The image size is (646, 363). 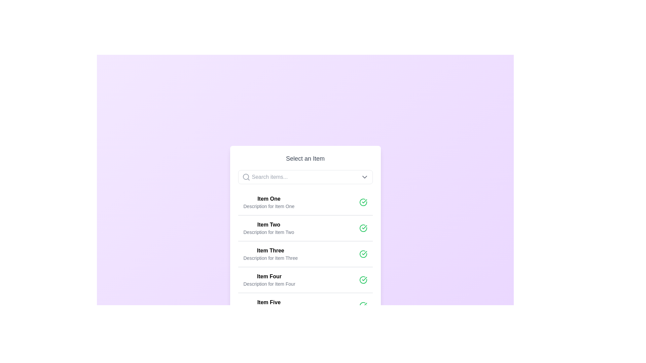 I want to click on the text element displaying 'Description for Item One', which is a small gray font located directly beneath the bold title 'Item One' in the central white panel, so click(x=268, y=206).